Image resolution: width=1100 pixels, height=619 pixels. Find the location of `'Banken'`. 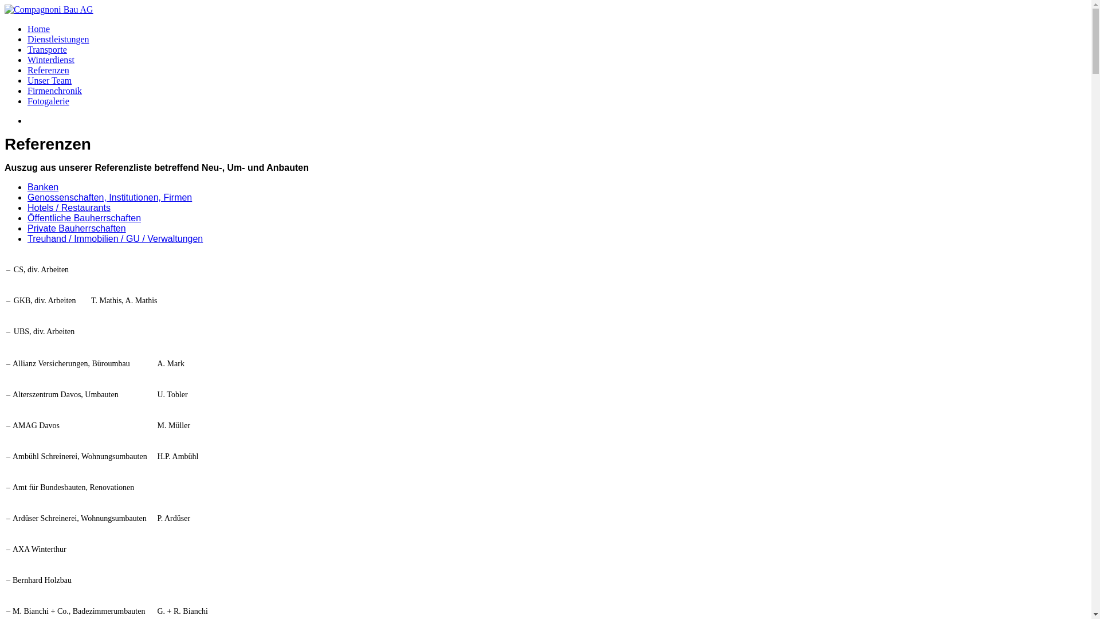

'Banken' is located at coordinates (43, 186).